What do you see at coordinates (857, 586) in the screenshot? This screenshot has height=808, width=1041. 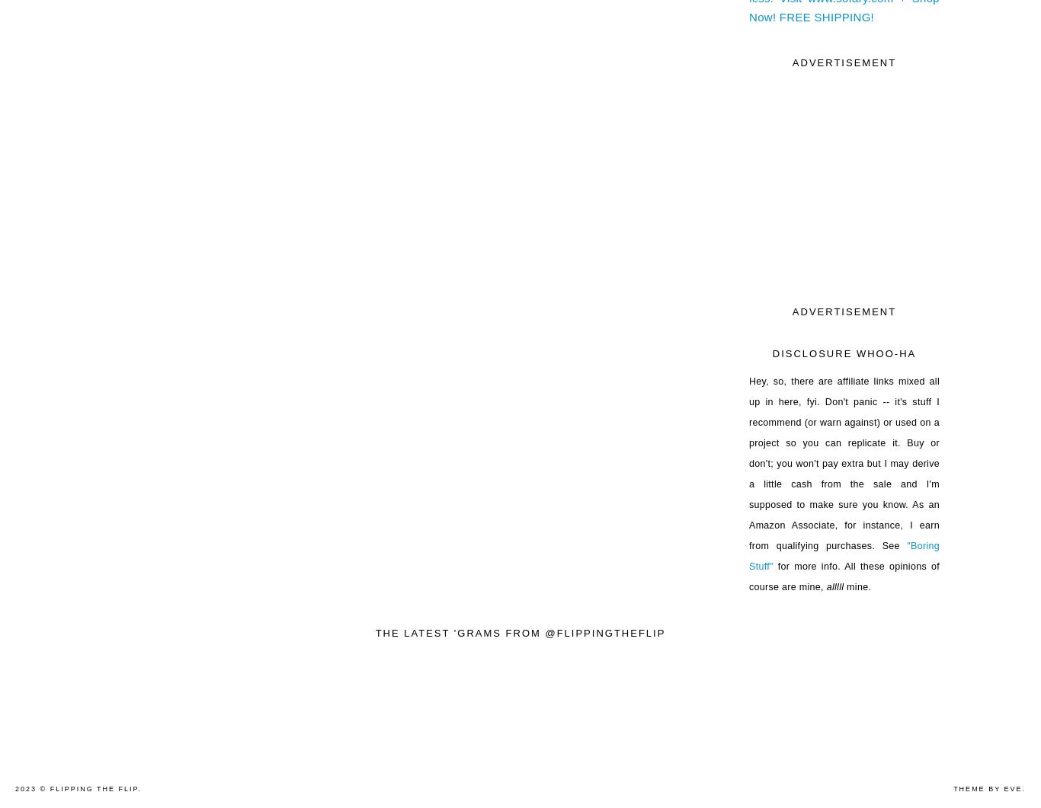 I see `'mine.'` at bounding box center [857, 586].